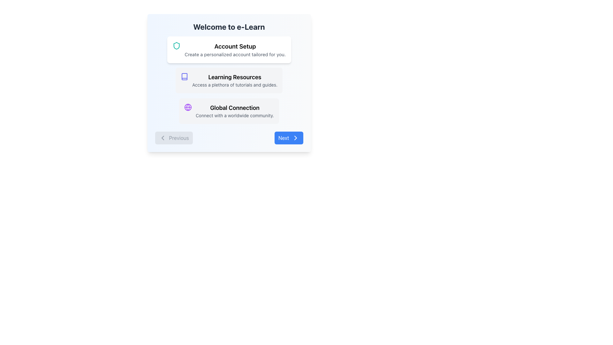 The height and width of the screenshot is (345, 613). Describe the element at coordinates (163, 138) in the screenshot. I see `the left-pointing chevron icon located to the left of the 'Previous' button in the lower-left corner of the displayed card` at that location.